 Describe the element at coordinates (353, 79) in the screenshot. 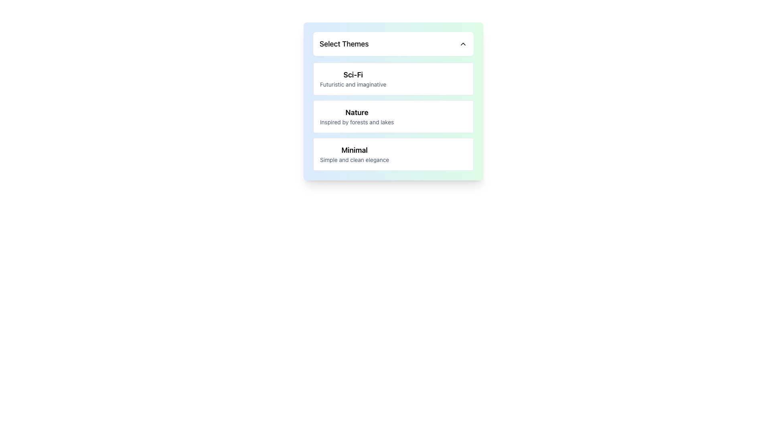

I see `the topmost interactive list item labeled 'Sci-Fi' under the 'Select Themes' header` at that location.